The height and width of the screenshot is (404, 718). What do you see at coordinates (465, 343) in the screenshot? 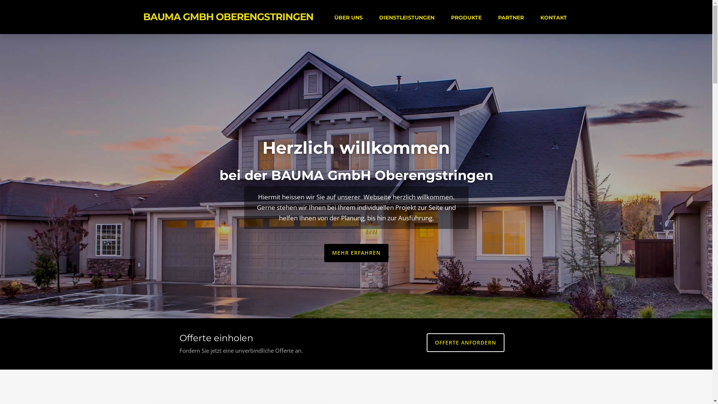
I see `'OFFERTE ANFORDERN'` at bounding box center [465, 343].